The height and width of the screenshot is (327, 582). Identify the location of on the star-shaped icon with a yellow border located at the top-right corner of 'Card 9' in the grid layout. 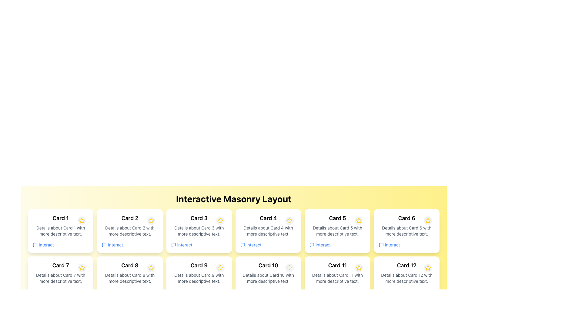
(220, 267).